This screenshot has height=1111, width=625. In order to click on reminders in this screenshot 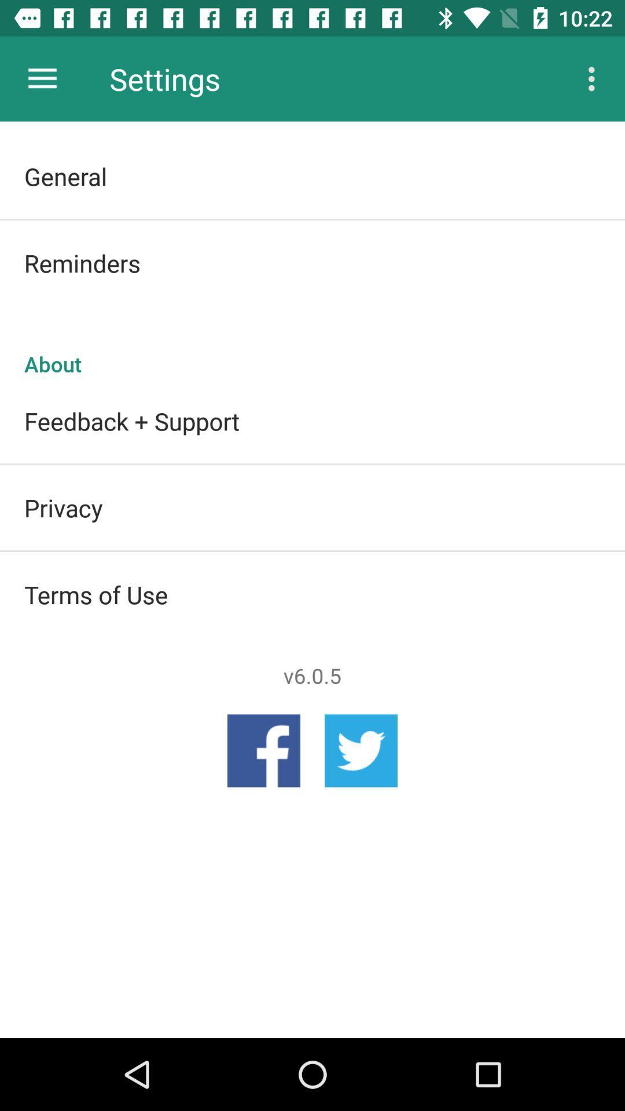, I will do `click(312, 262)`.